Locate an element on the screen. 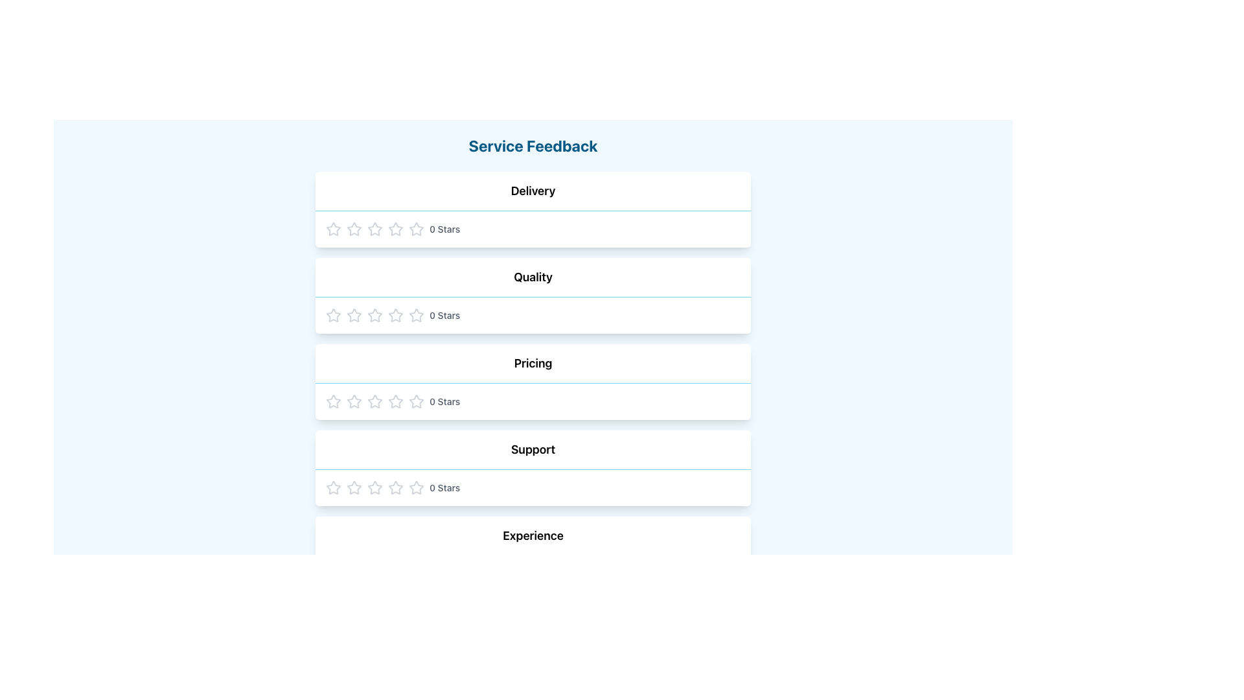 This screenshot has width=1244, height=700. the first star icon in the delivery rating system to assign a one star rating is located at coordinates (333, 229).